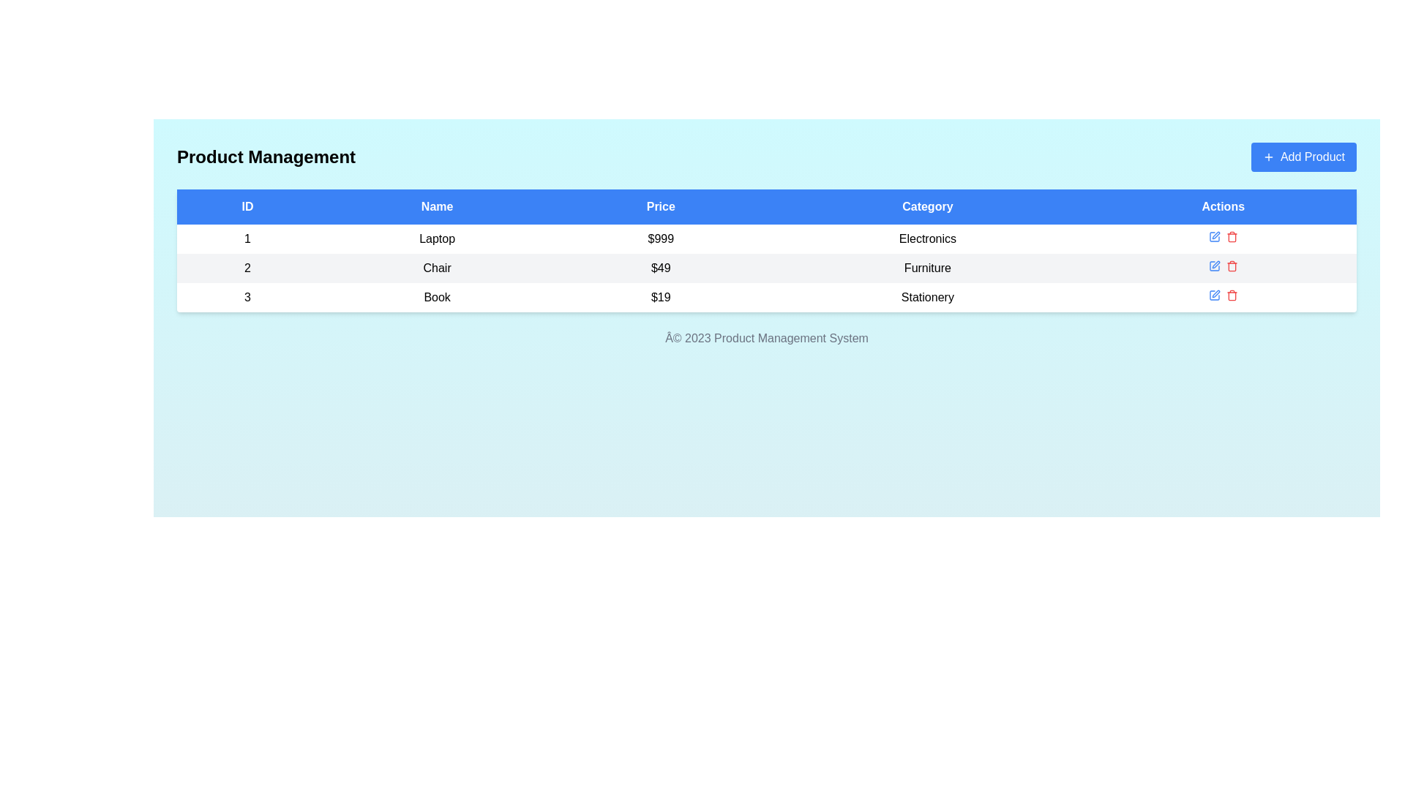  Describe the element at coordinates (266, 157) in the screenshot. I see `the Text Label that serves as a header for product management, located at the upper-left corner of the interface, just below the top edge` at that location.